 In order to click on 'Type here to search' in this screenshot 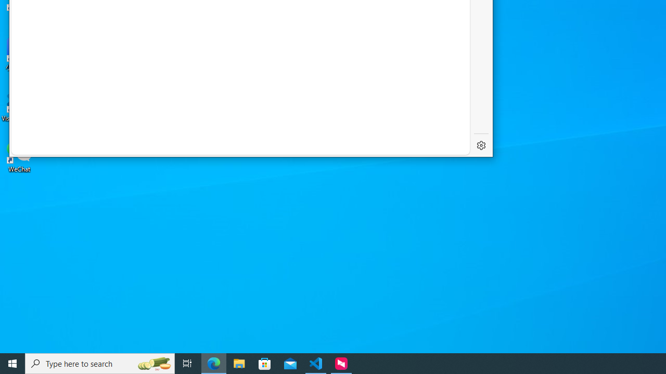, I will do `click(100, 363)`.